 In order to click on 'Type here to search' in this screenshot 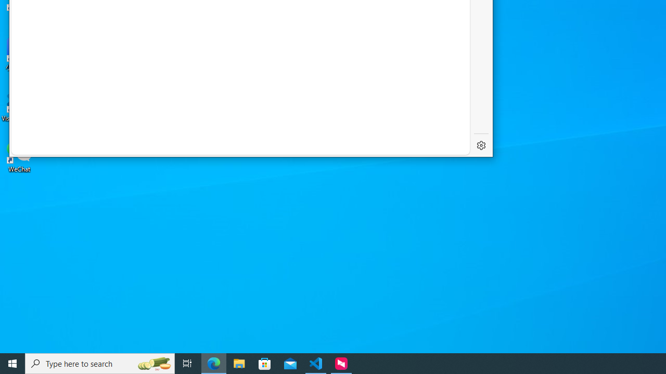, I will do `click(100, 363)`.